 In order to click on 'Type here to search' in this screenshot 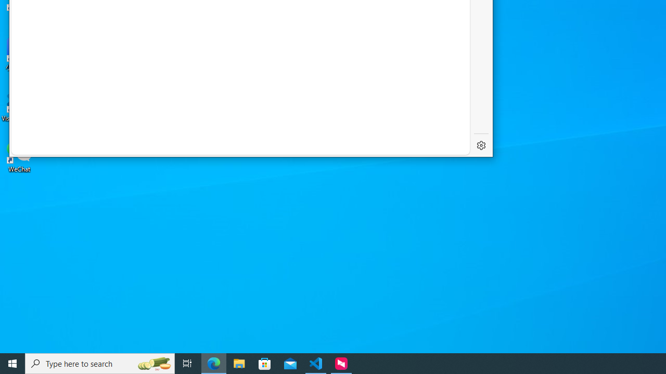, I will do `click(100, 363)`.